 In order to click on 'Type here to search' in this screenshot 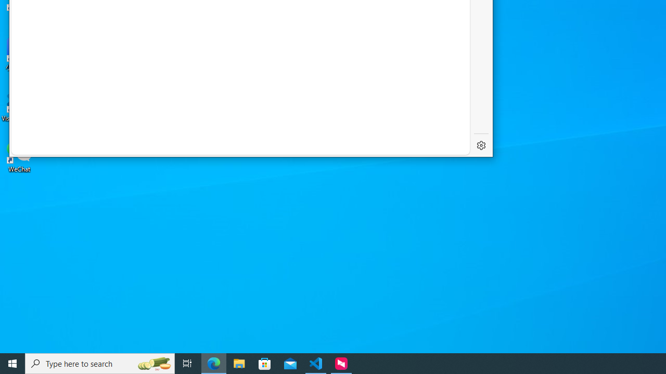, I will do `click(100, 363)`.